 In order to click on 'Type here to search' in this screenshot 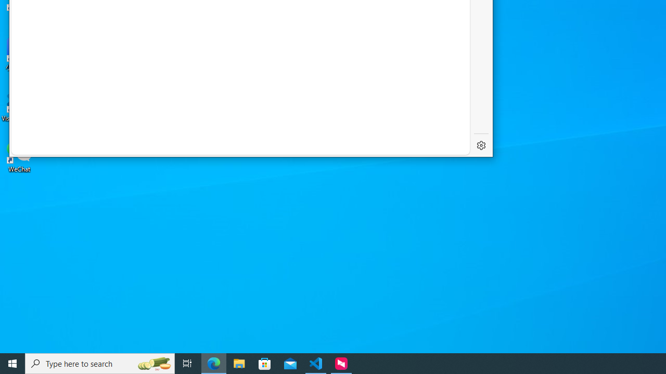, I will do `click(100, 363)`.